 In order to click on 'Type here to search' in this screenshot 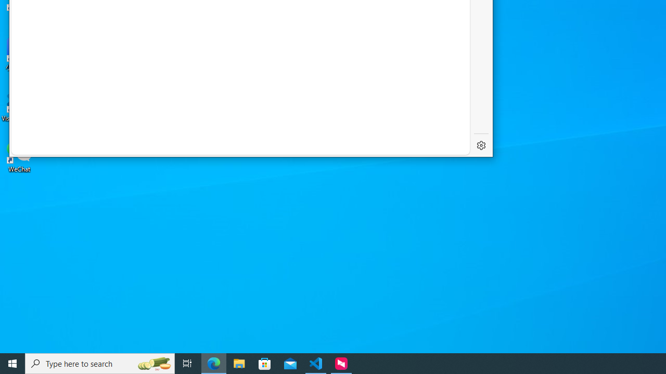, I will do `click(100, 363)`.